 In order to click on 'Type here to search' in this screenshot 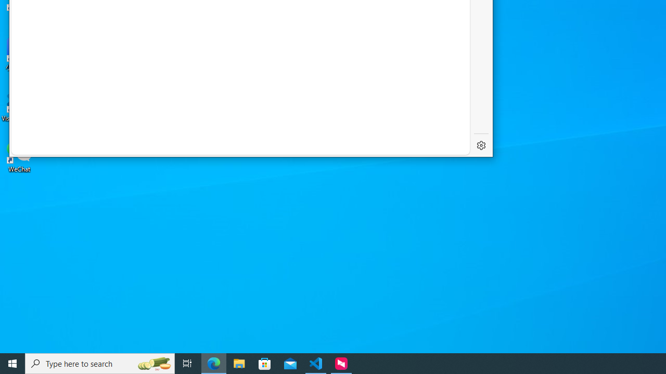, I will do `click(100, 363)`.